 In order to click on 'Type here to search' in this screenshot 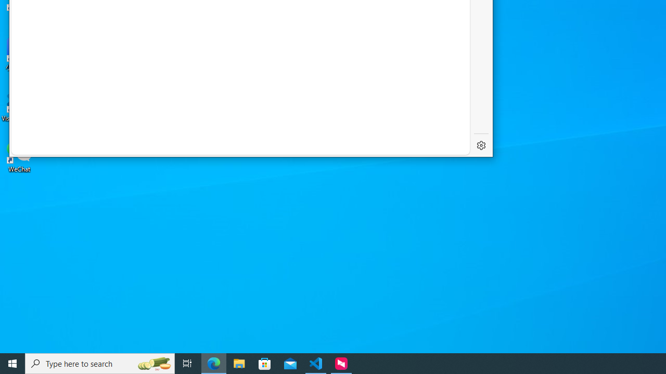, I will do `click(100, 363)`.